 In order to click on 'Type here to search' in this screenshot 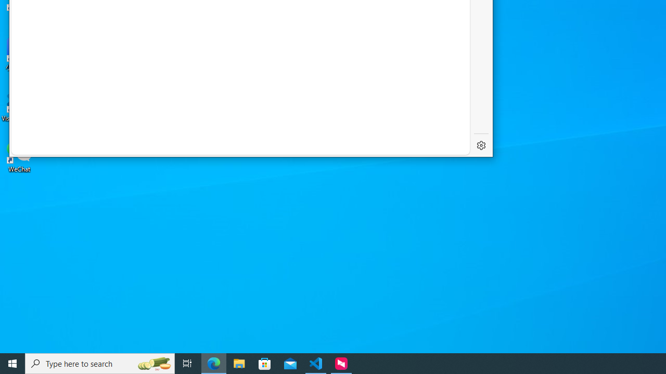, I will do `click(100, 363)`.